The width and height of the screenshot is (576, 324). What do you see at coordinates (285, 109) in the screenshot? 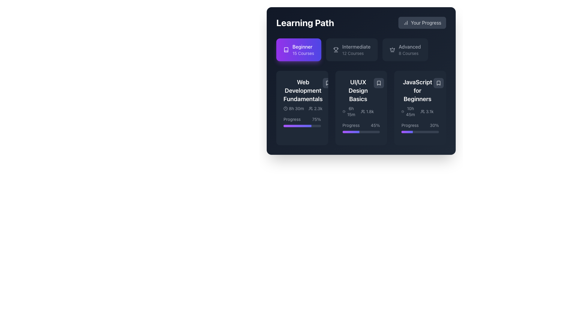
I see `the clock icon by clicking on the circular boundary of the SVG shape element located at the top-left corner of the clock icon, which is part of the 'Web Development Fundamentals' card` at bounding box center [285, 109].